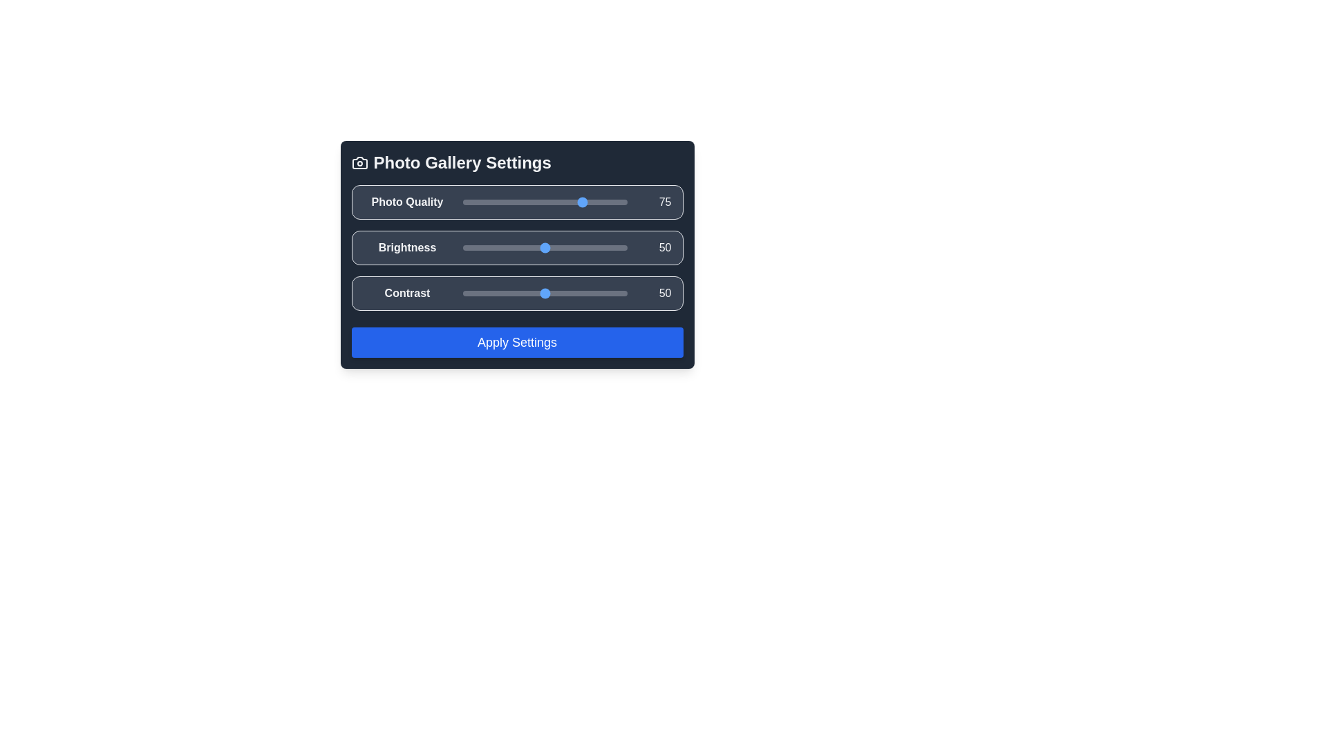 The width and height of the screenshot is (1327, 746). What do you see at coordinates (589, 247) in the screenshot?
I see `the brightness level` at bounding box center [589, 247].